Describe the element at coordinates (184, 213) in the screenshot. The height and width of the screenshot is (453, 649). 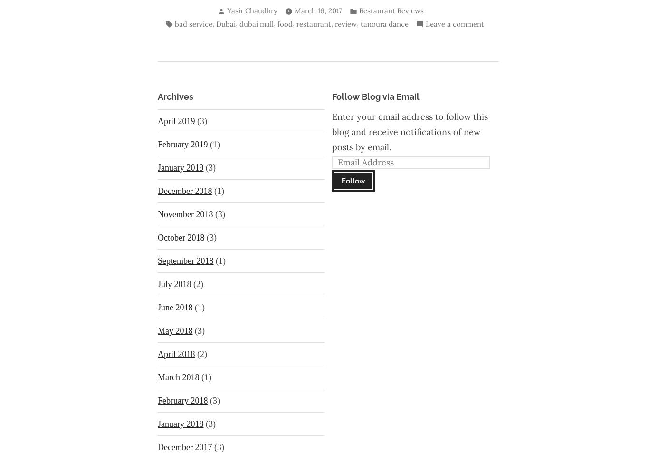
I see `'November 2018'` at that location.